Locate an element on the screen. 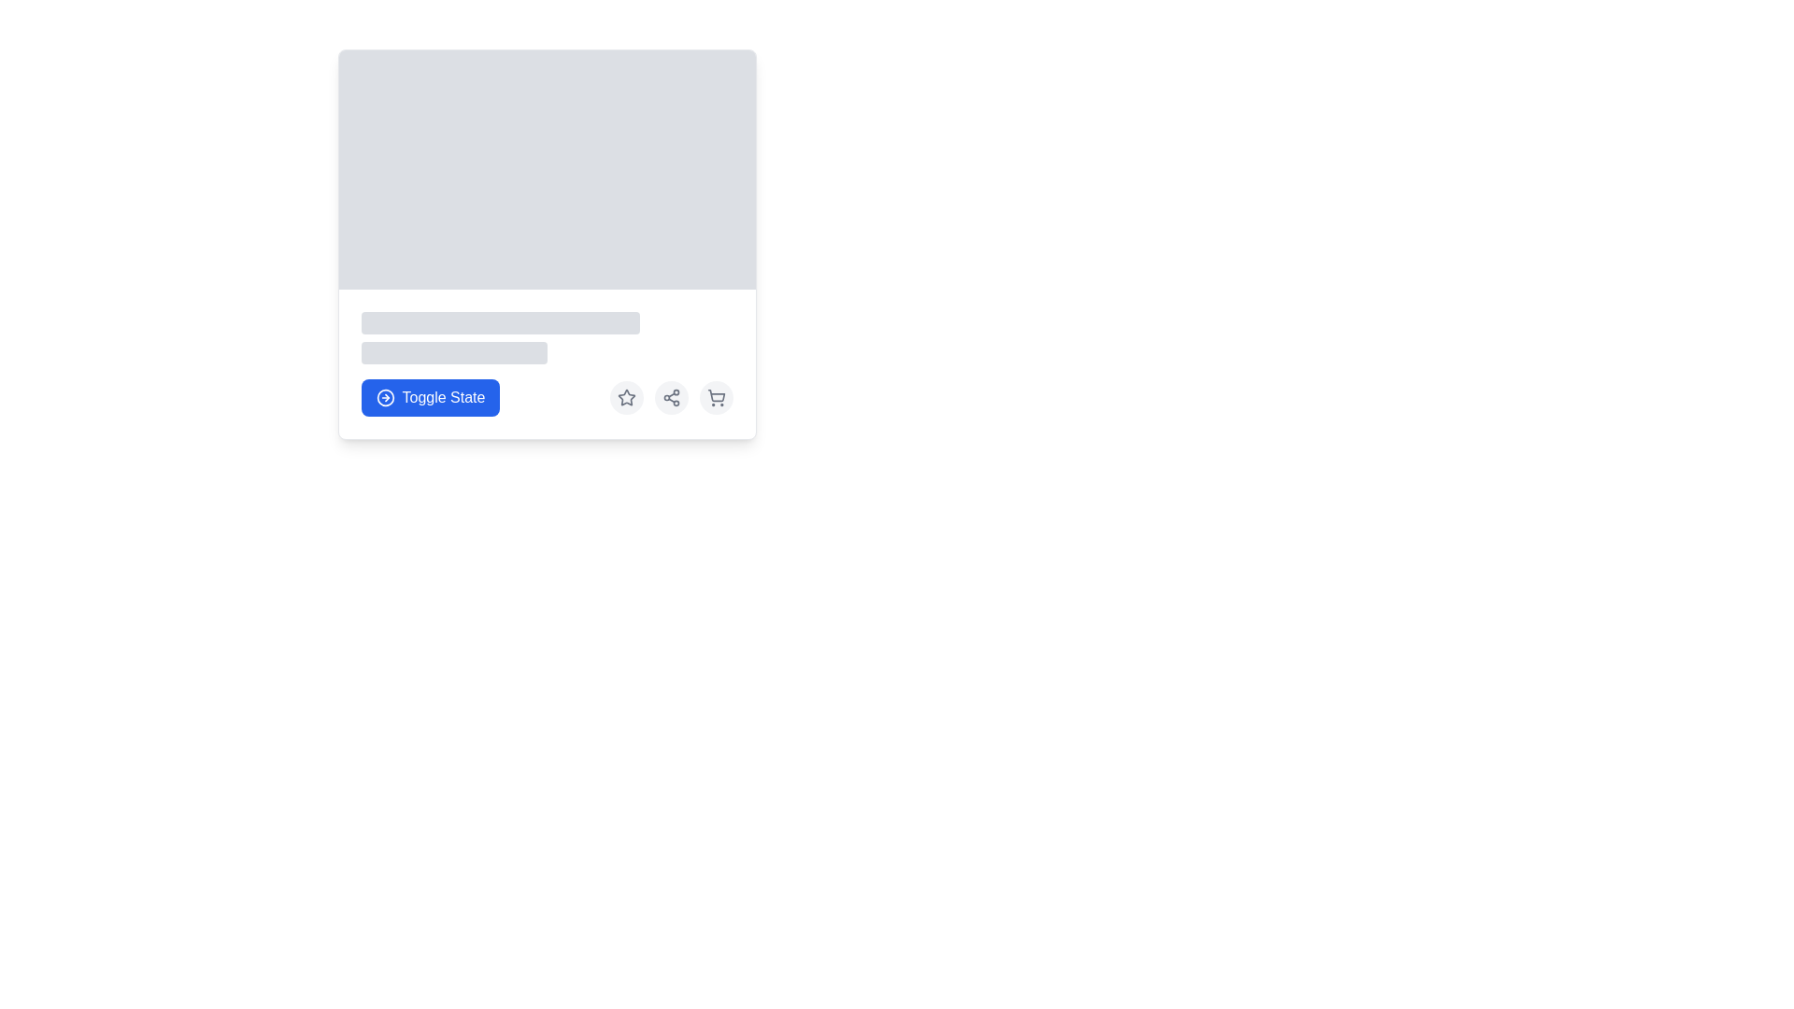 This screenshot has height=1009, width=1794. the Icon within the 'Toggle State' button located on the bottom left of the card layout to indicate an action to change states is located at coordinates (384, 396).